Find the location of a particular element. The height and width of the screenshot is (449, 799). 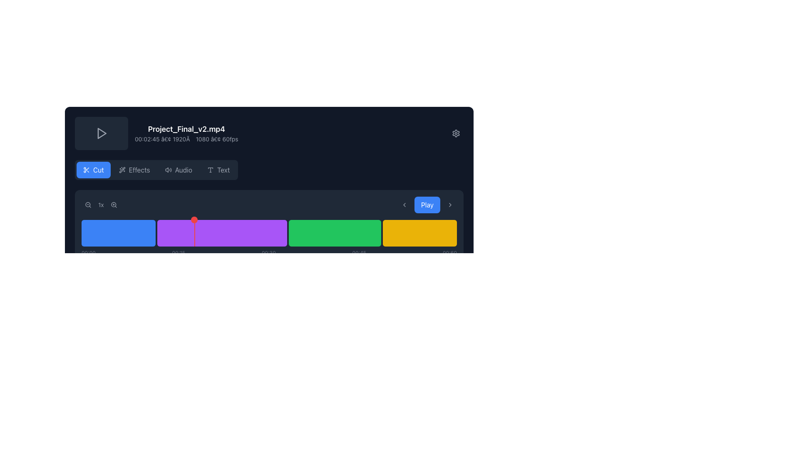

the third visual block segment in the timeline interface to trigger its hover state is located at coordinates (335, 233).